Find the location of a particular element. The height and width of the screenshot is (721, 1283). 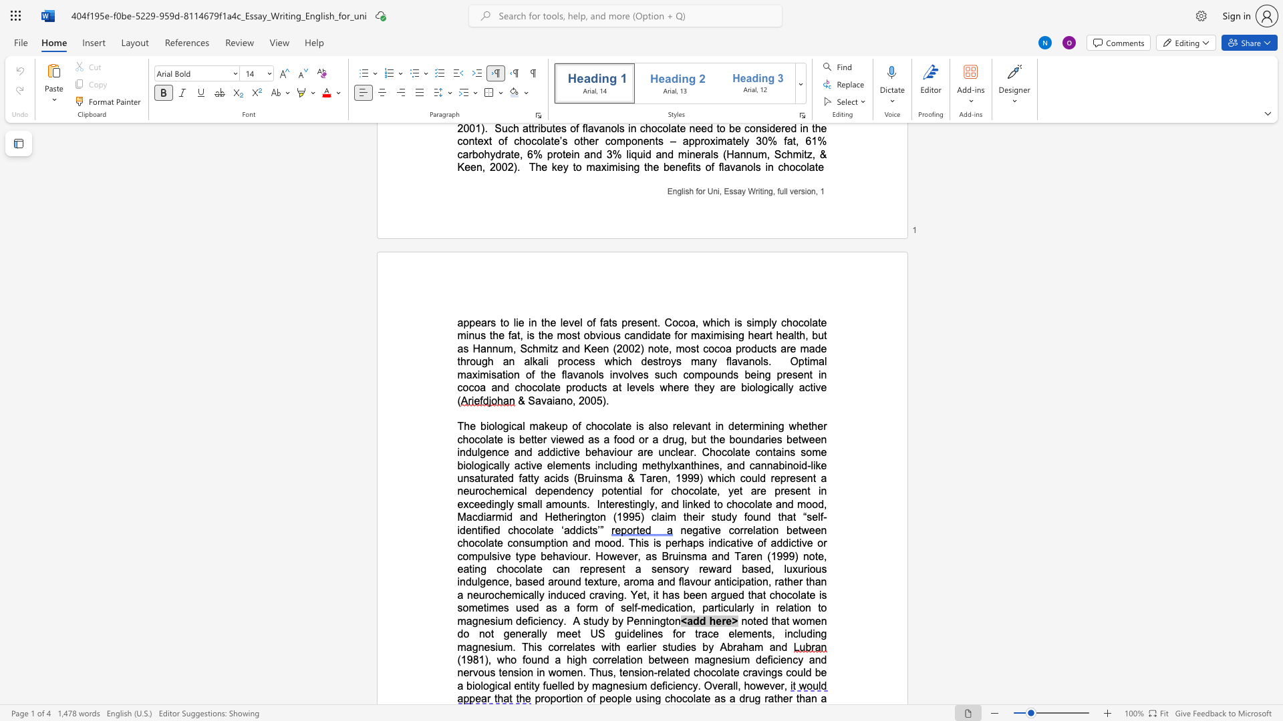

the subset text "ce, based ar" within the text "a sensory reward based, luxurious indulgence, based around texture," is located at coordinates (496, 581).